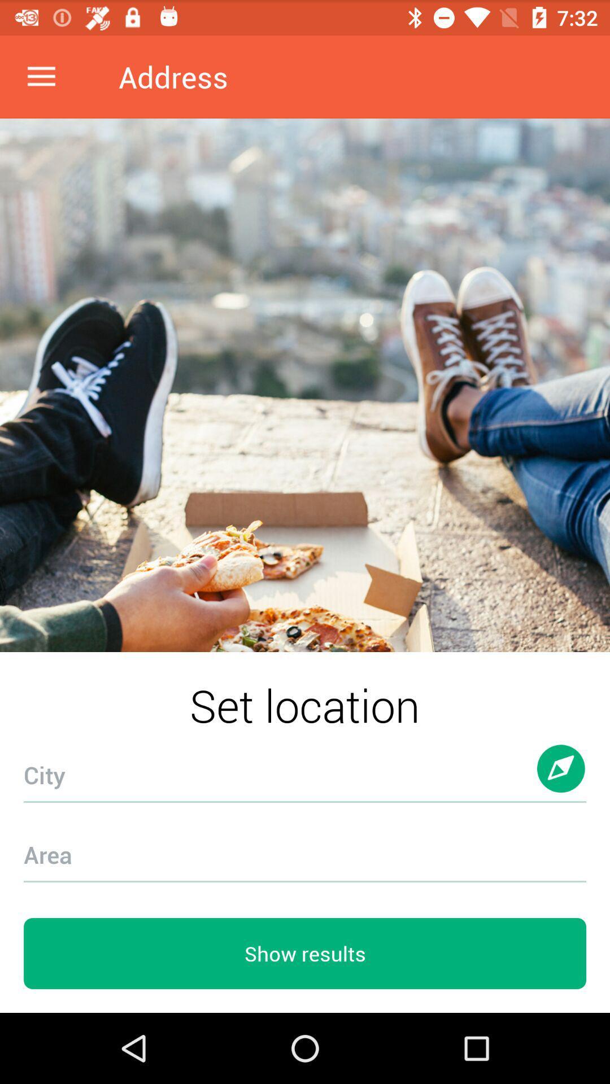 This screenshot has width=610, height=1084. I want to click on item above show results item, so click(305, 848).